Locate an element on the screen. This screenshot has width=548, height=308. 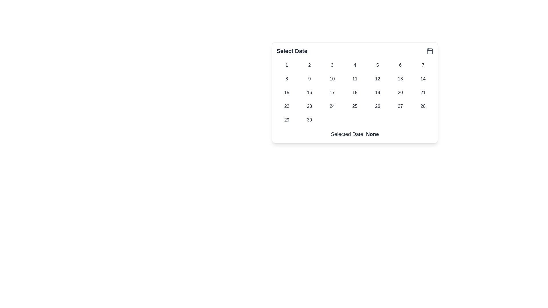
the button-like element displaying the number '30' in the bottom-right corner of the calendar grid is located at coordinates (309, 119).